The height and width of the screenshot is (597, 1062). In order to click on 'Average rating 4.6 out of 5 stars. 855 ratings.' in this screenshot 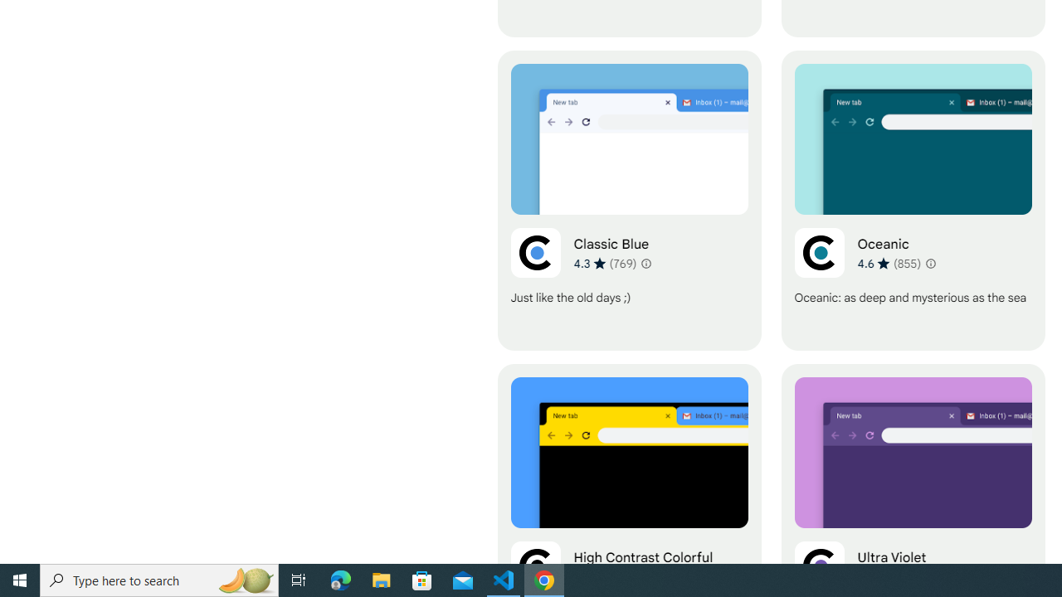, I will do `click(889, 262)`.